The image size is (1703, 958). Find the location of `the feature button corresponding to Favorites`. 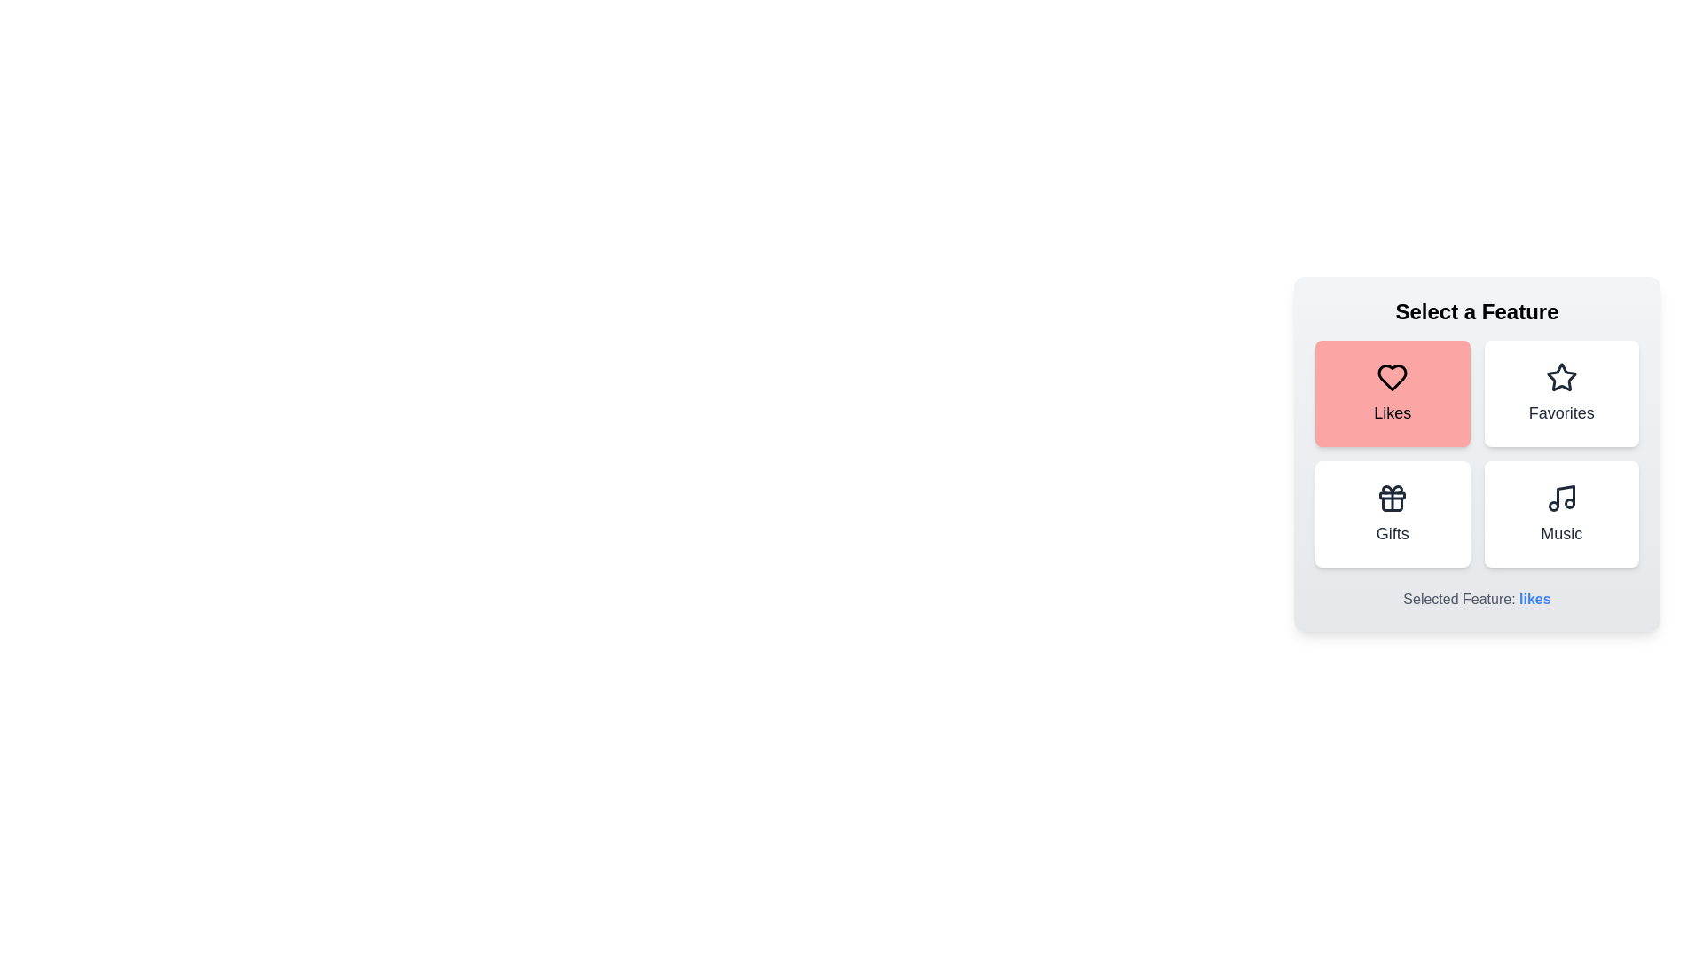

the feature button corresponding to Favorites is located at coordinates (1561, 392).